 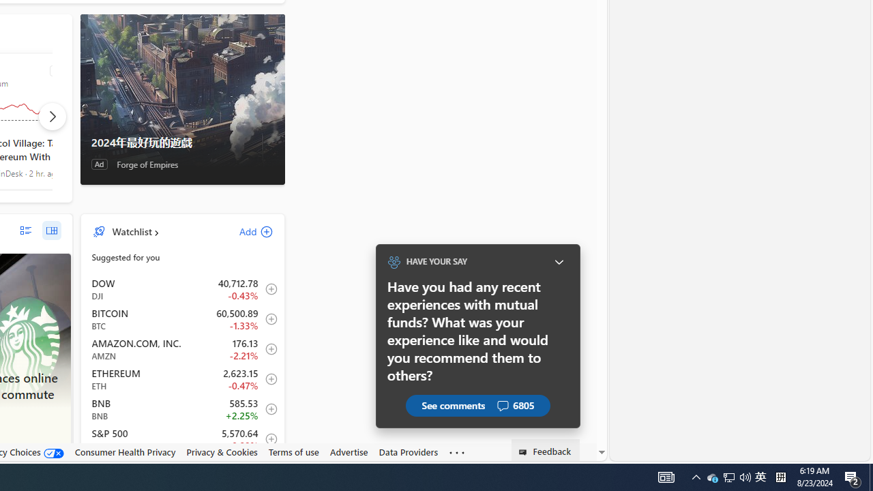 I want to click on 'Consumer Health Privacy', so click(x=125, y=452).